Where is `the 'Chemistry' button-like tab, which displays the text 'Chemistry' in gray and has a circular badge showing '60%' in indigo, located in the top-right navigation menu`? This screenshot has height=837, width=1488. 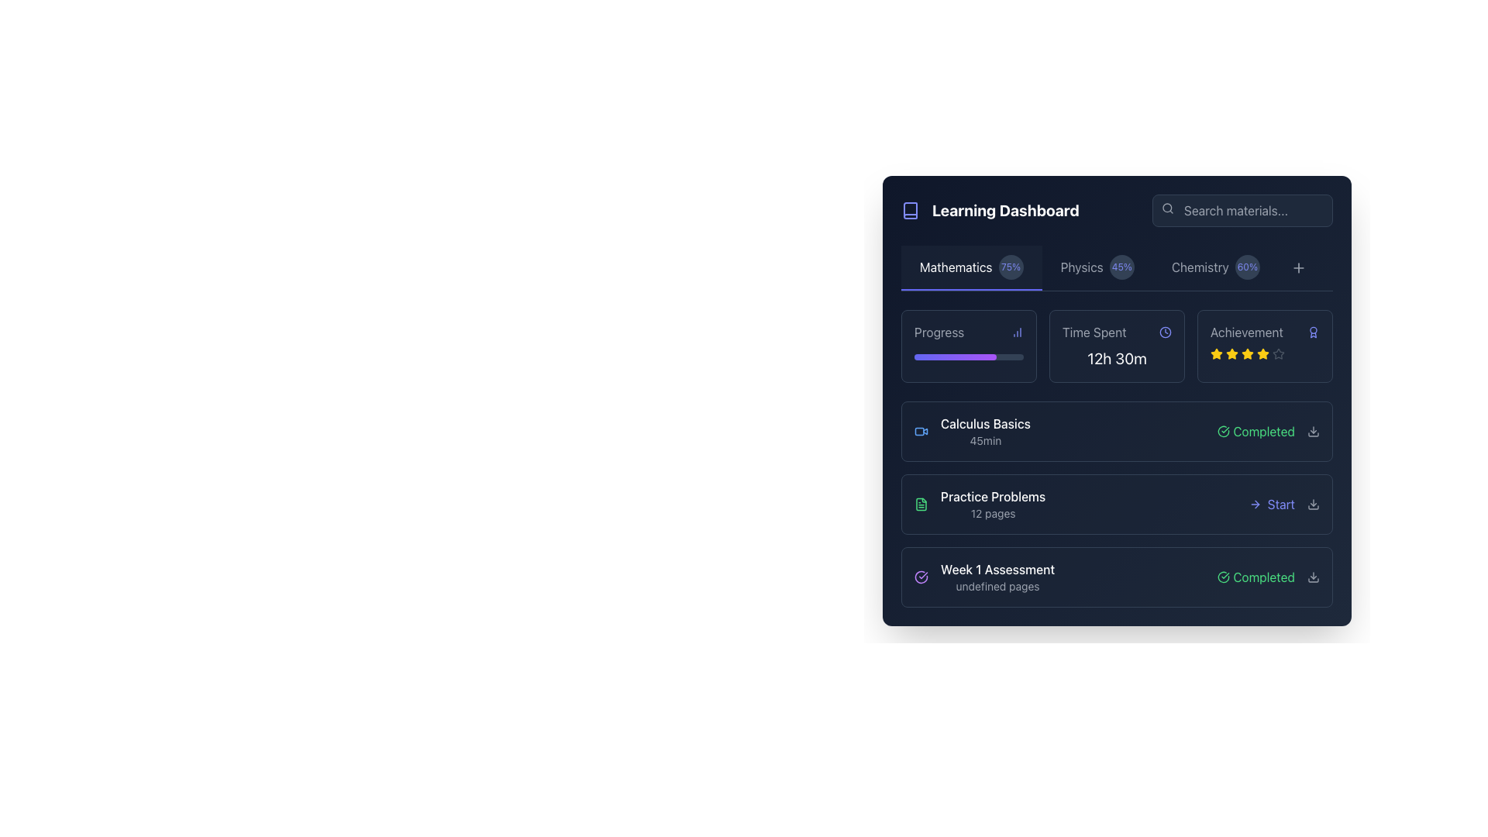 the 'Chemistry' button-like tab, which displays the text 'Chemistry' in gray and has a circular badge showing '60%' in indigo, located in the top-right navigation menu is located at coordinates (1214, 267).